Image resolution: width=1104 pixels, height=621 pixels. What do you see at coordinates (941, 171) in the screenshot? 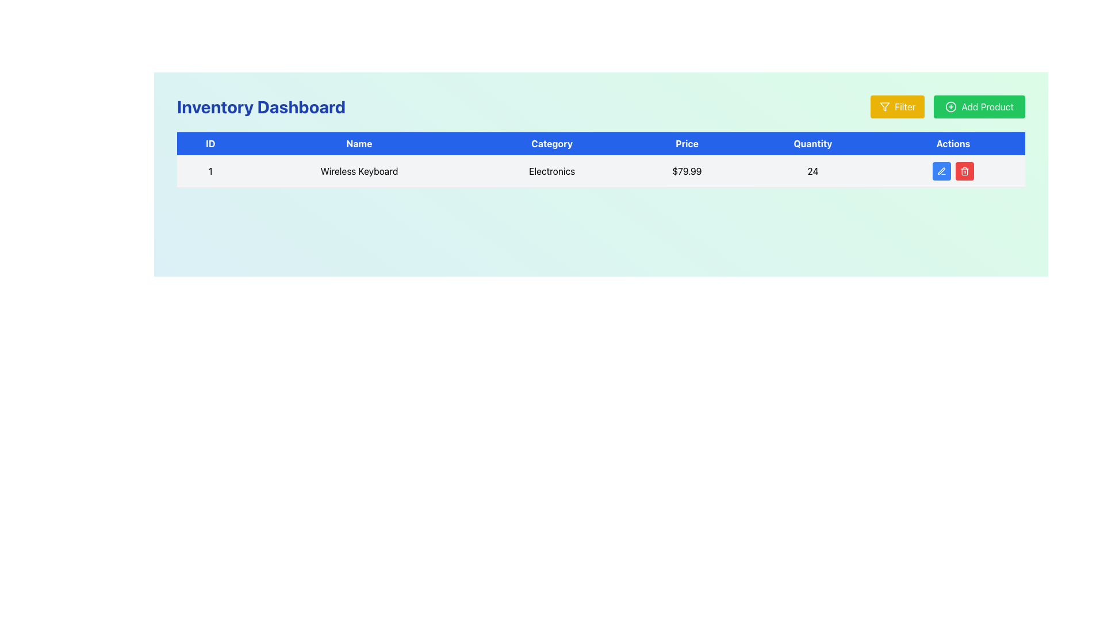
I see `the small blue button with white text and a pen icon located in the 'Actions' column of the first table row` at bounding box center [941, 171].